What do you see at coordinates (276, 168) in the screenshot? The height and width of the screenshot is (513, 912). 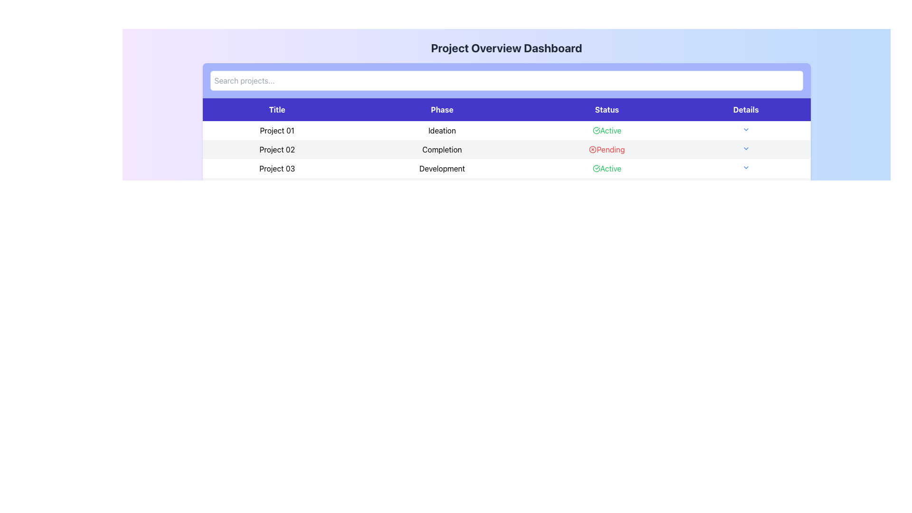 I see `the 'Project 03' text label` at bounding box center [276, 168].